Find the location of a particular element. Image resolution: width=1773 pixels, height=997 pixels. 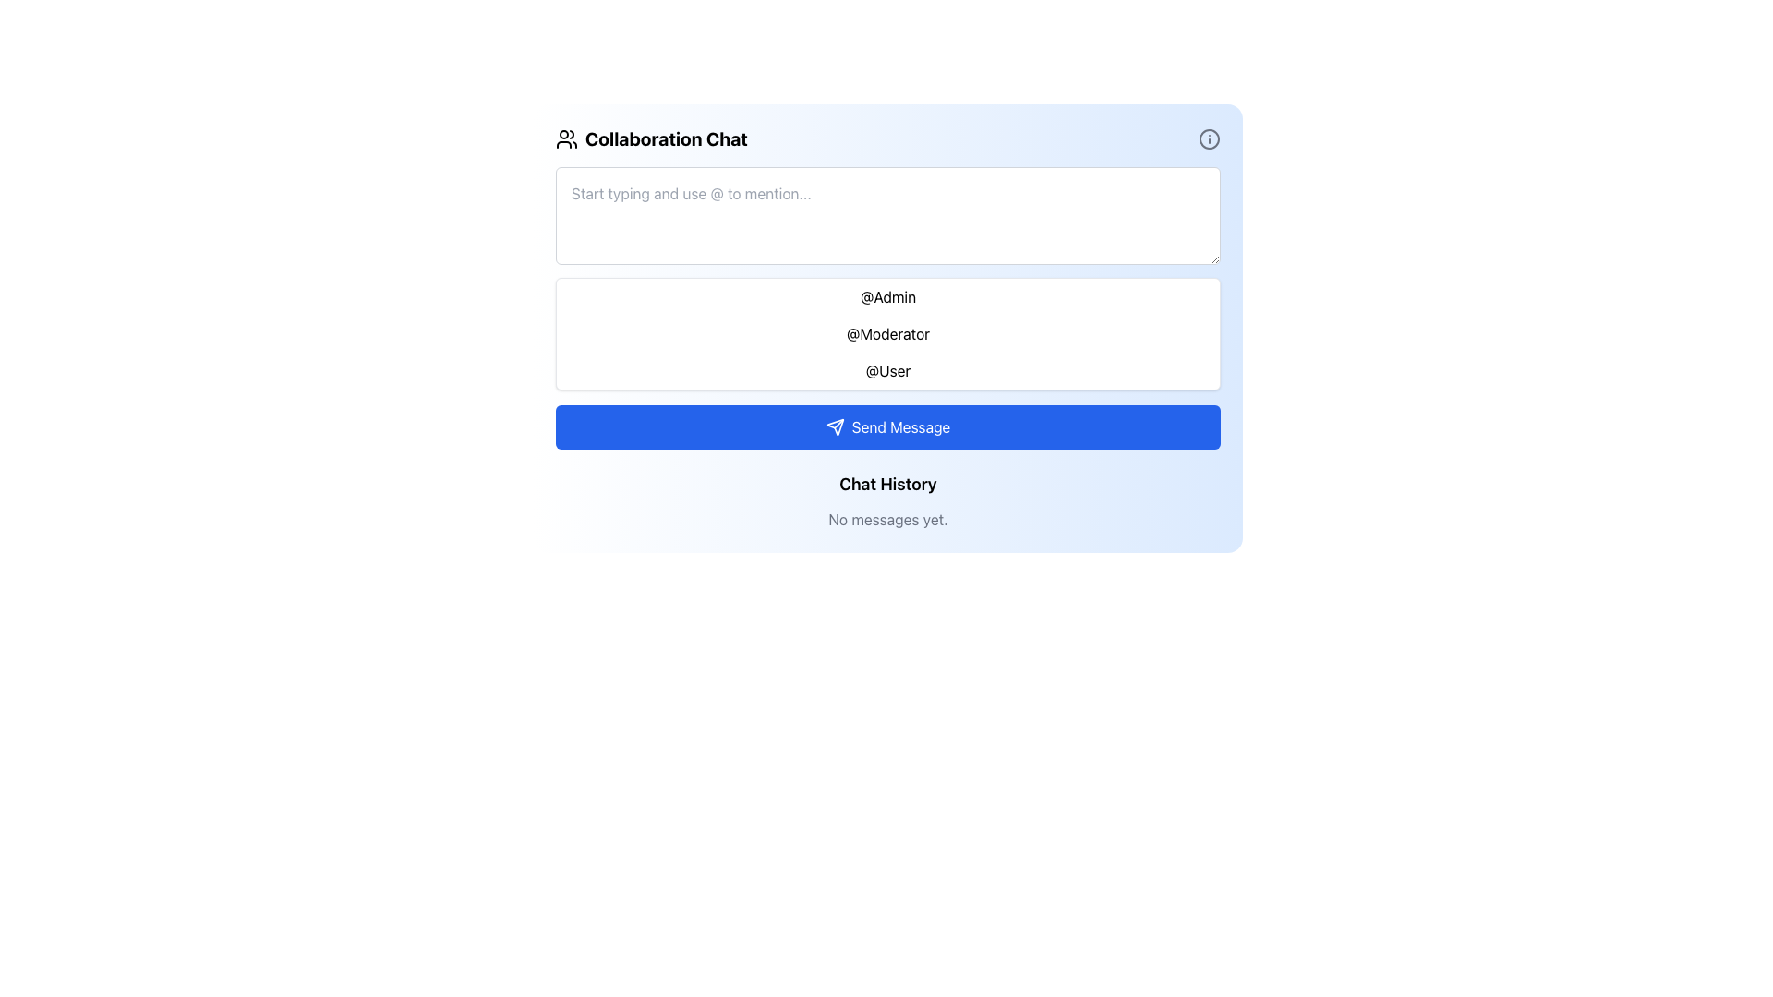

the rectangular blue button labeled 'Send Message' with a white paper plane icon, located at the bottom of the chat section, to observe any hover effect is located at coordinates (887, 426).